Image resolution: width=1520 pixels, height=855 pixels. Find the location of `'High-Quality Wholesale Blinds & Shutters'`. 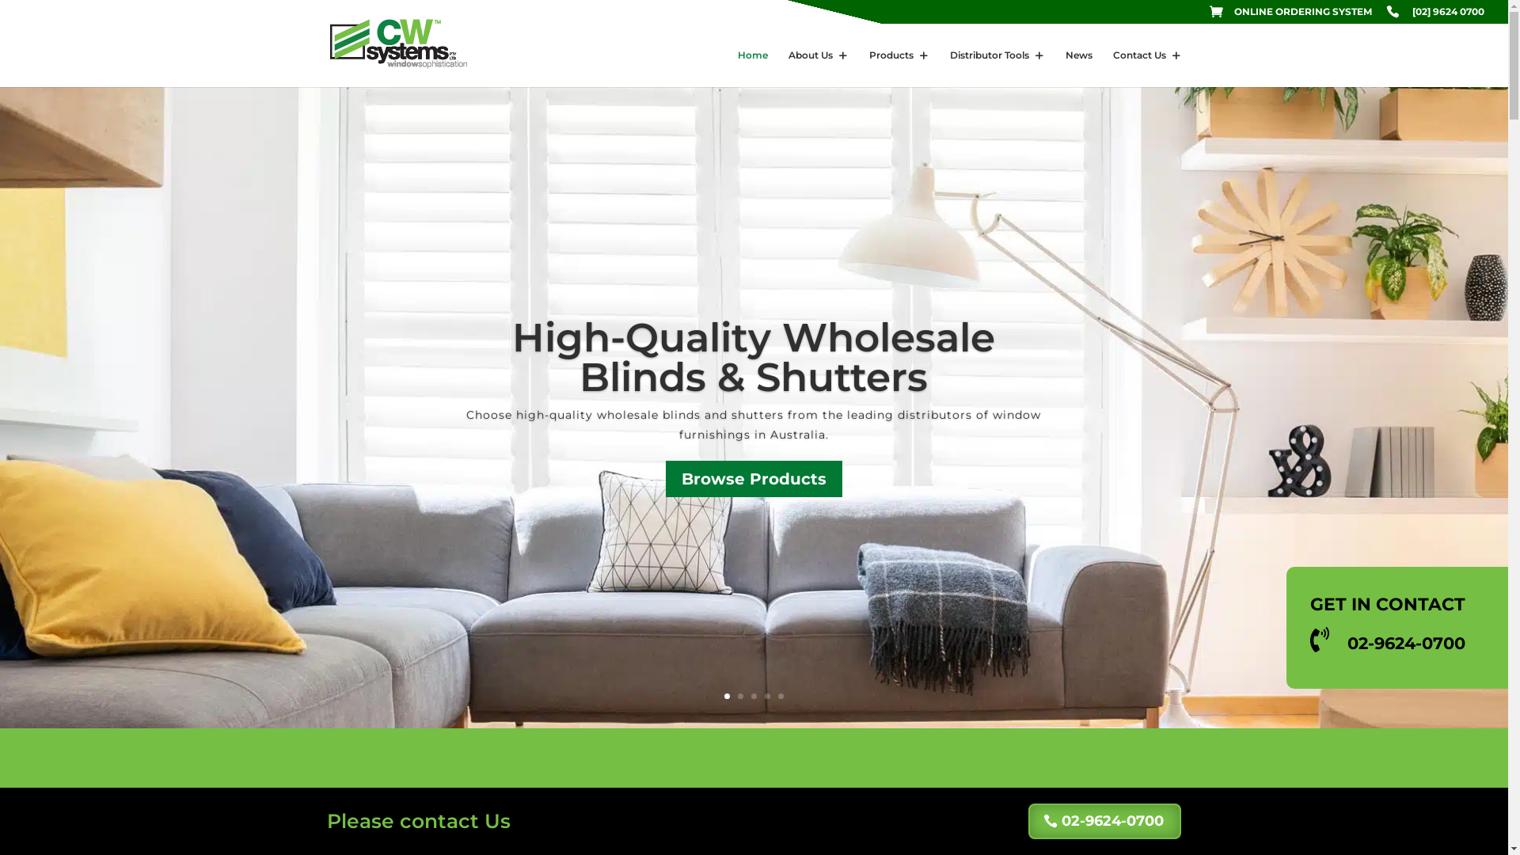

'High-Quality Wholesale Blinds & Shutters' is located at coordinates (752, 357).